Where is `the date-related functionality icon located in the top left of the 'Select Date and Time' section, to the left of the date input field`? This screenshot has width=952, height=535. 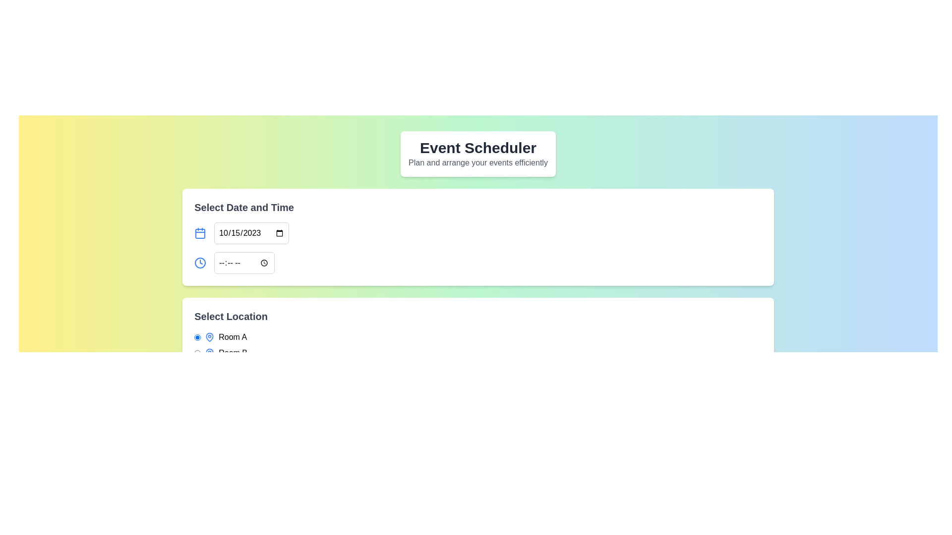
the date-related functionality icon located in the top left of the 'Select Date and Time' section, to the left of the date input field is located at coordinates (200, 233).